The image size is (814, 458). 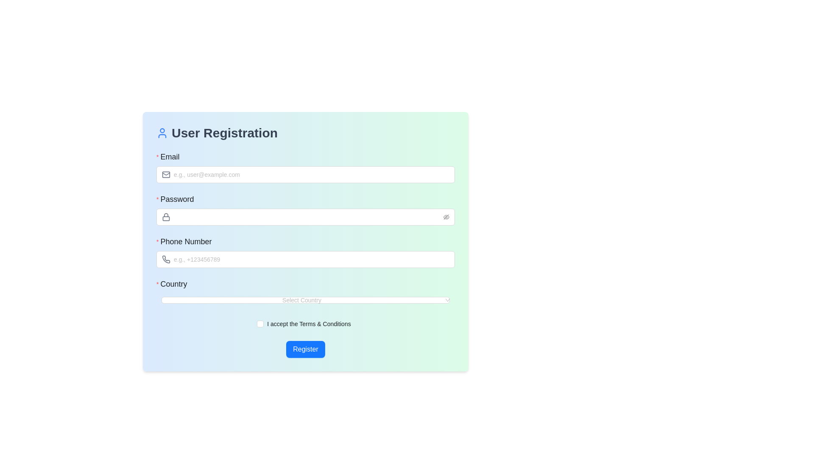 I want to click on the gray lock icon located inside the 'Password' input field, positioned between the 'Email' and 'Phone Number' fields, so click(x=167, y=217).